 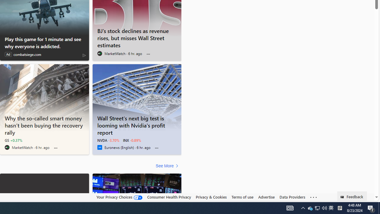 I want to click on 'GS +0.37%', so click(x=13, y=140).